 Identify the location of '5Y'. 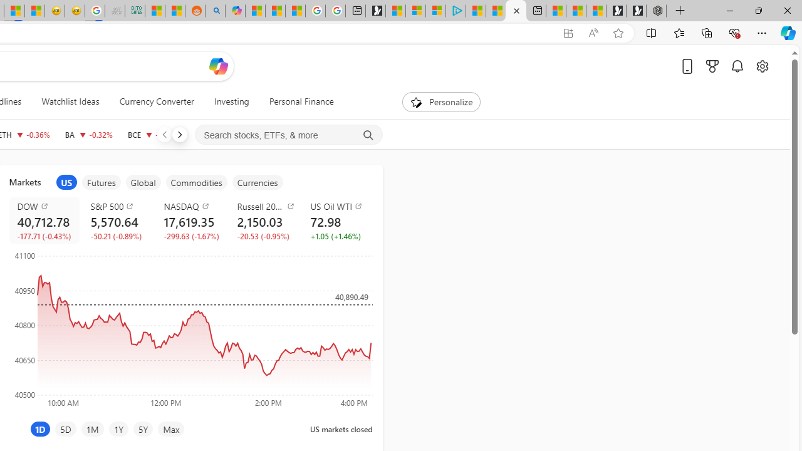
(143, 428).